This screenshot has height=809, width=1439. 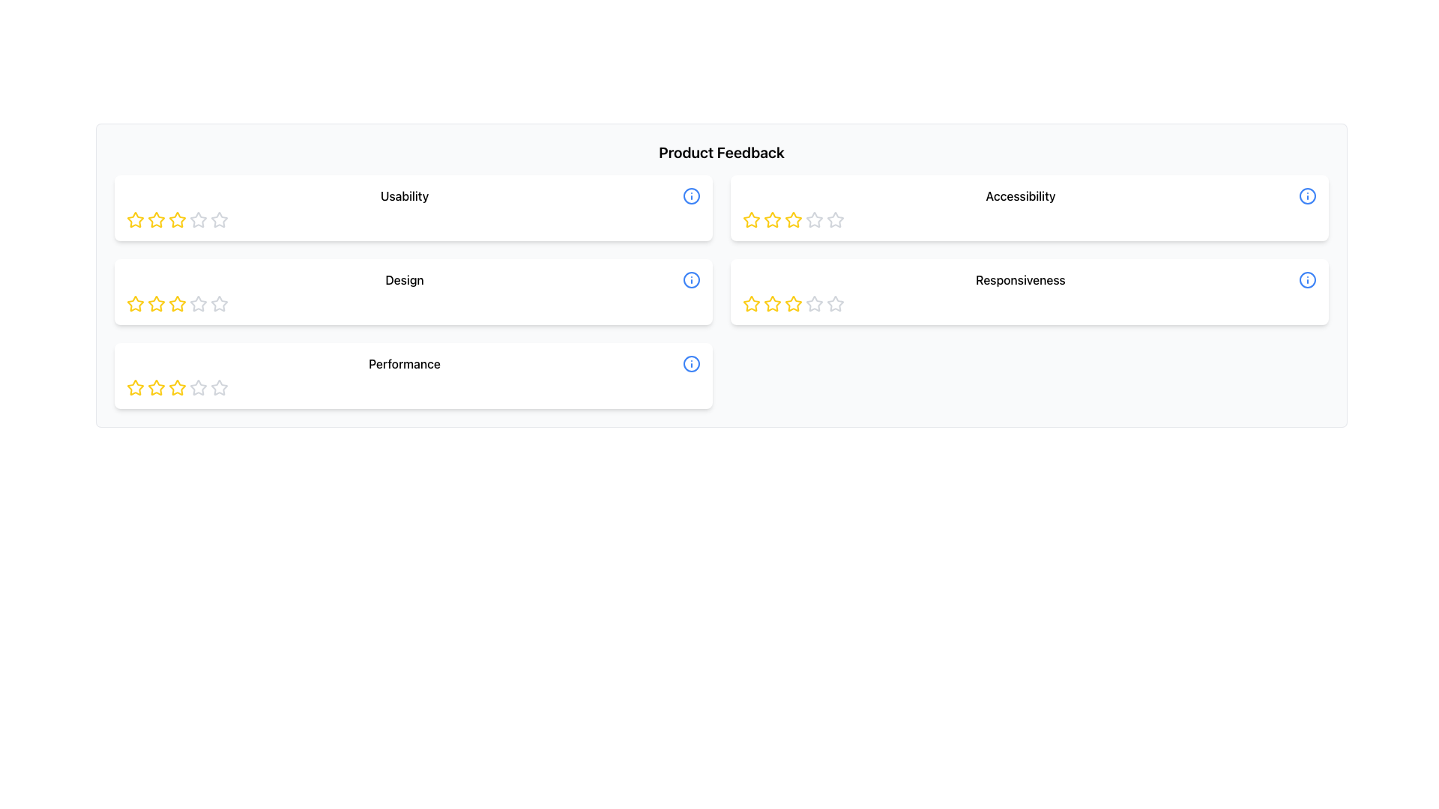 What do you see at coordinates (177, 219) in the screenshot?
I see `the second yellow star icon in the 'Usability' rating row of the 'Product Feedback' section` at bounding box center [177, 219].